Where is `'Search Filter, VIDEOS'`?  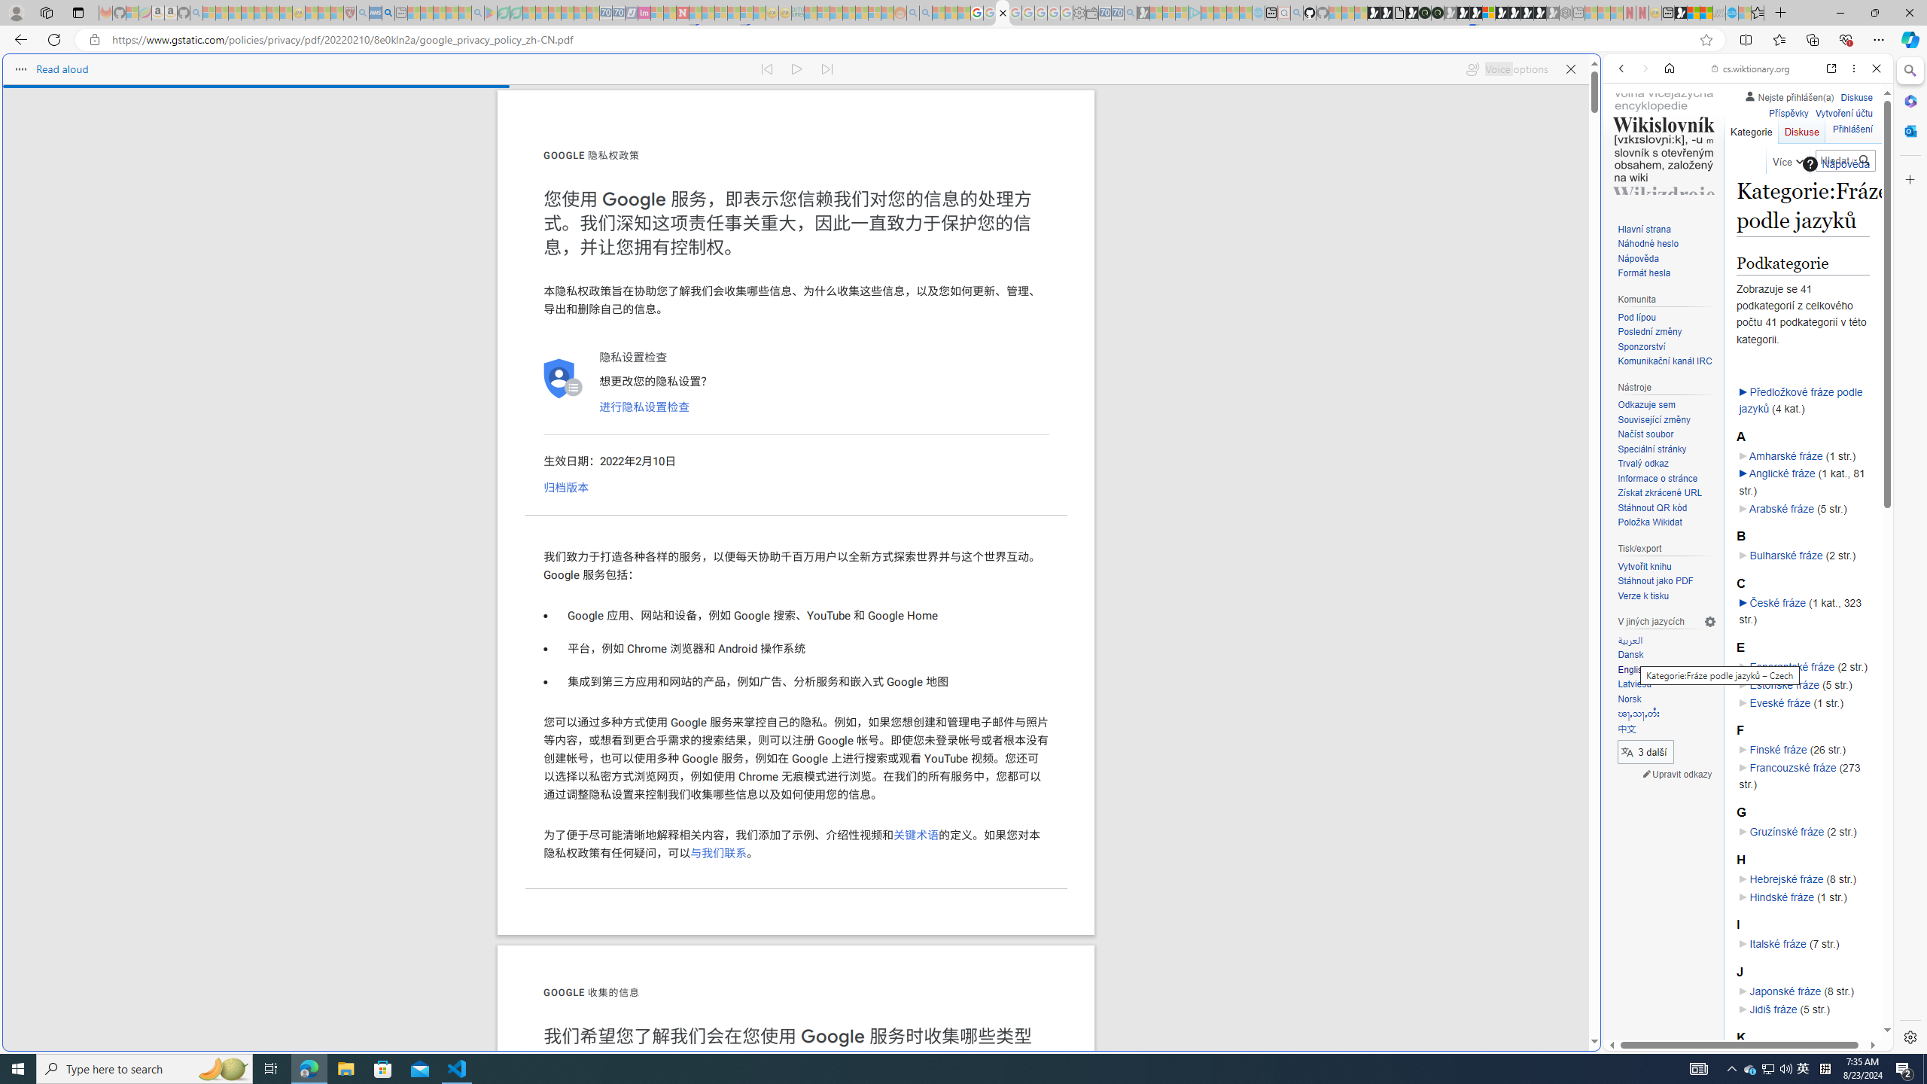 'Search Filter, VIDEOS' is located at coordinates (1721, 171).